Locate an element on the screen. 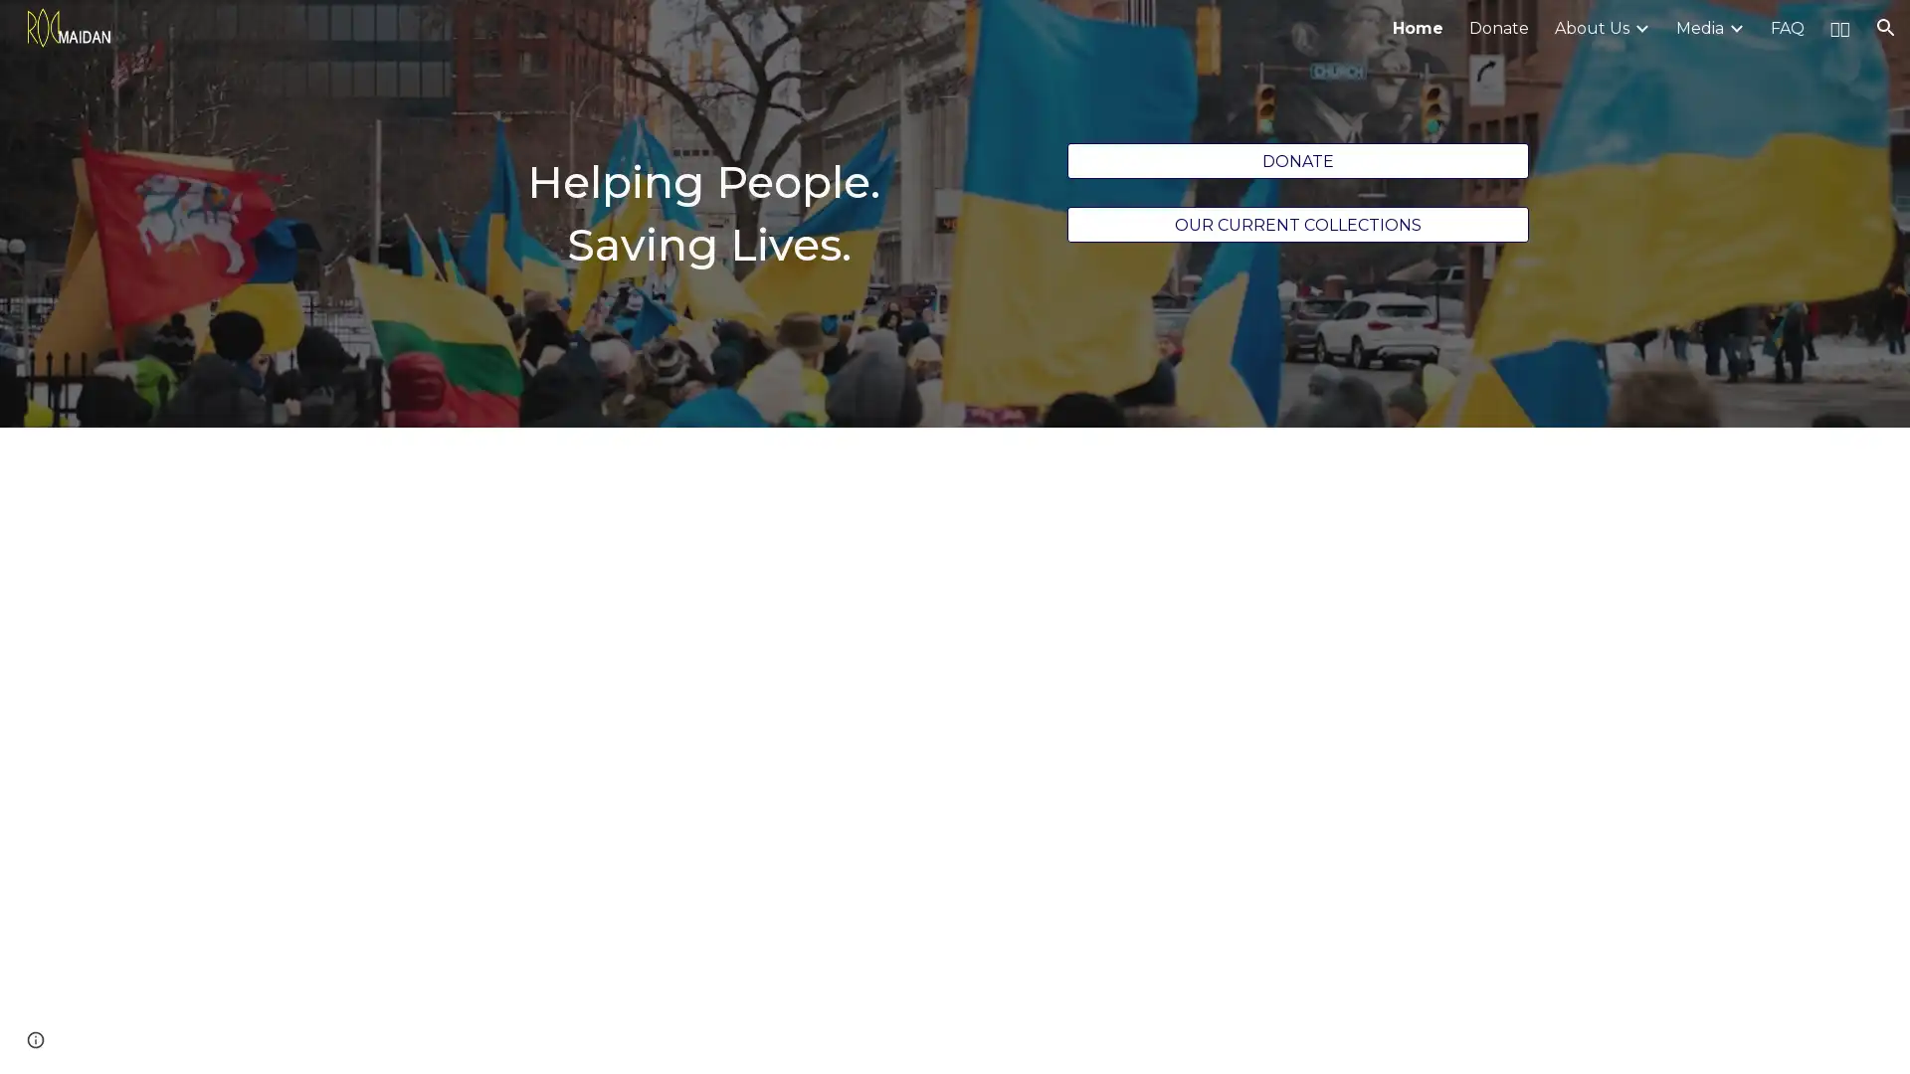 The image size is (1910, 1074). Google Sites is located at coordinates (153, 1038).